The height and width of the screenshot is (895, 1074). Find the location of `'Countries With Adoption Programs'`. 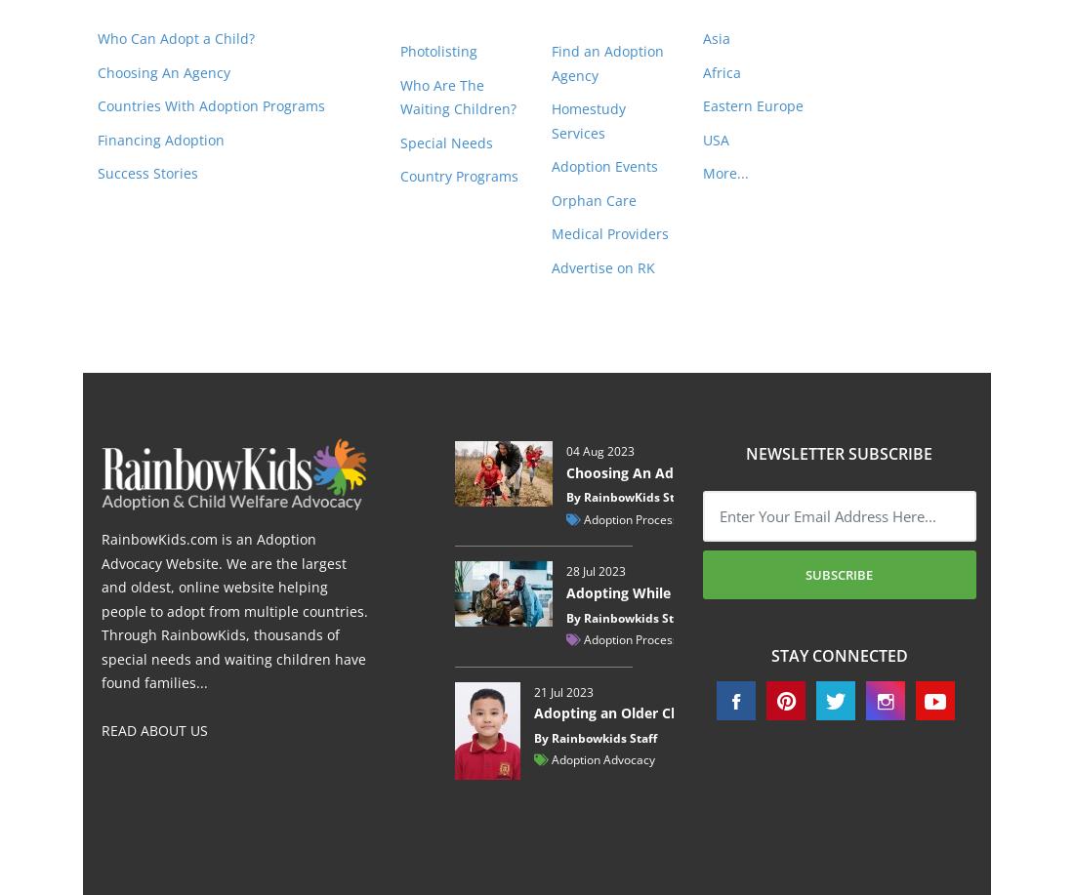

'Countries With Adoption Programs' is located at coordinates (211, 104).